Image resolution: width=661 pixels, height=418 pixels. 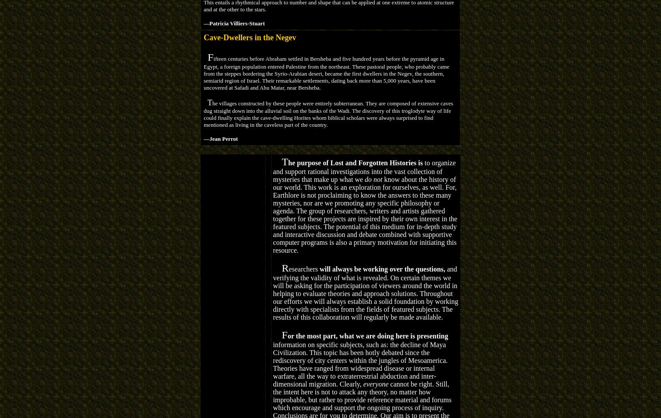 What do you see at coordinates (376, 383) in the screenshot?
I see `'everyone'` at bounding box center [376, 383].